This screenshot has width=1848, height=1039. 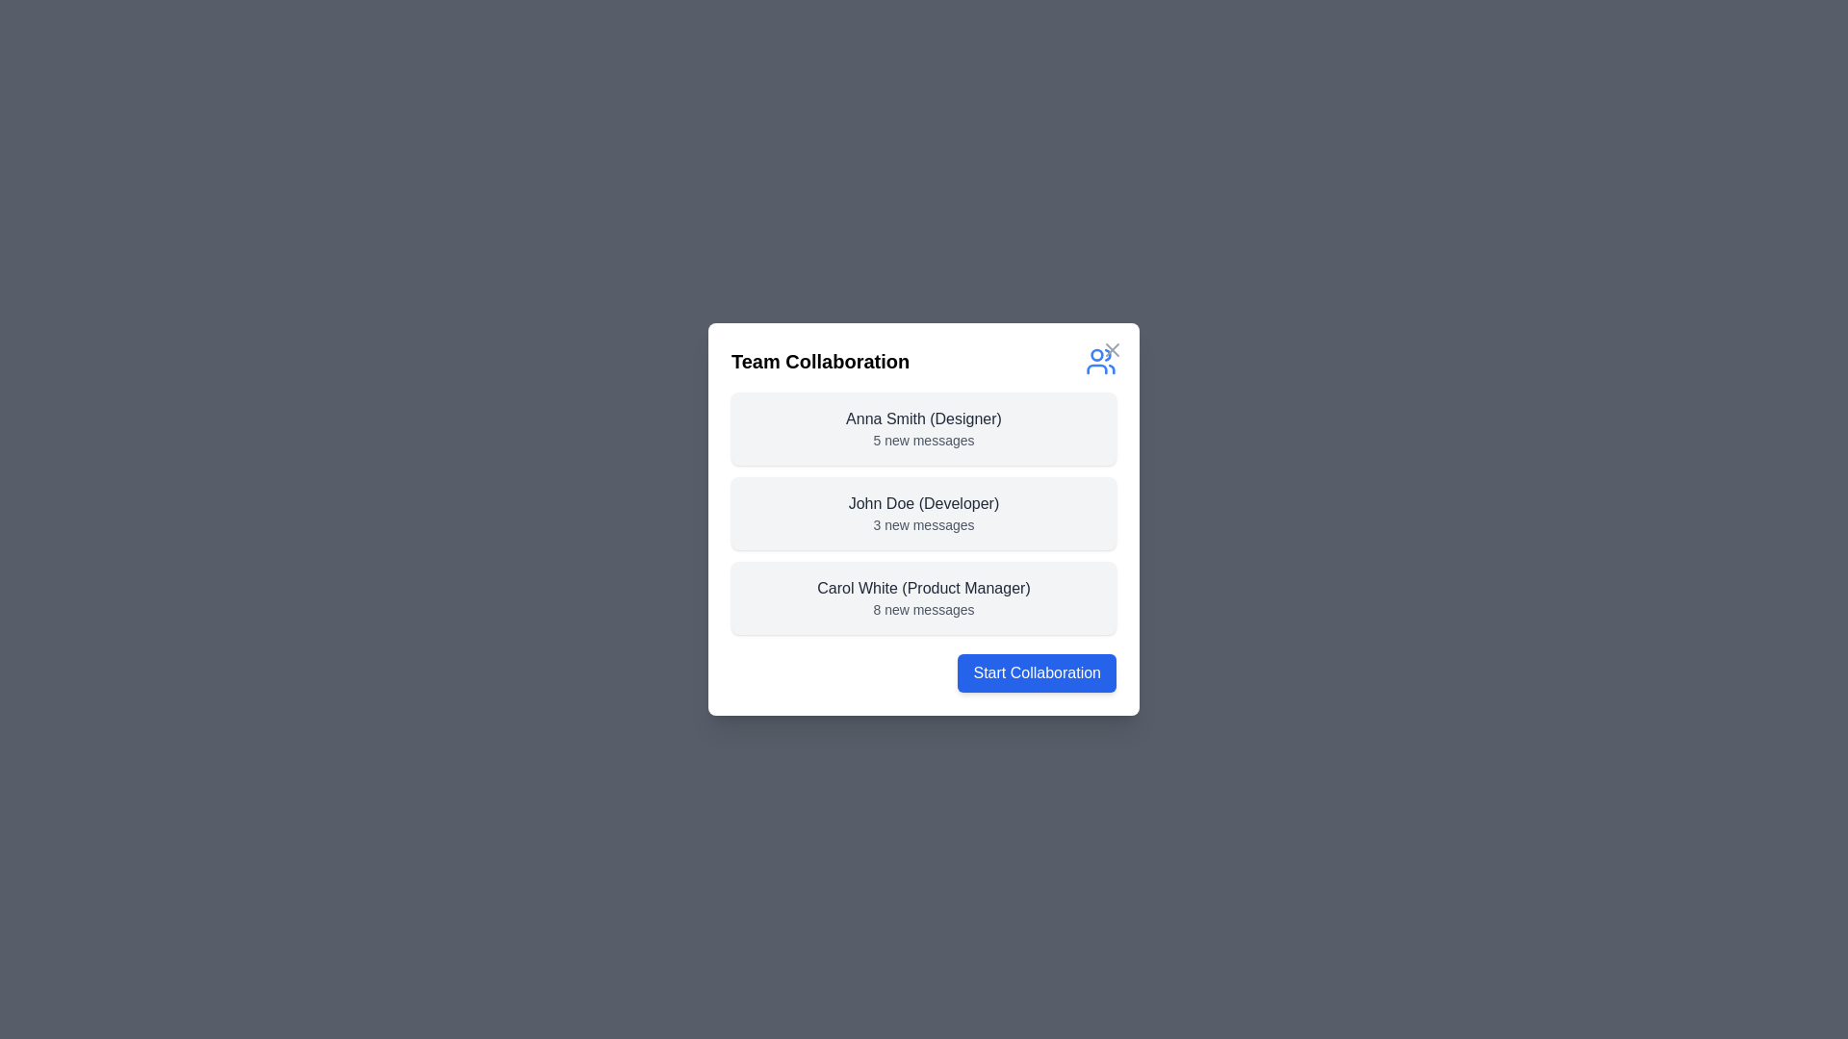 I want to click on the close button to close the dialog, so click(x=1113, y=349).